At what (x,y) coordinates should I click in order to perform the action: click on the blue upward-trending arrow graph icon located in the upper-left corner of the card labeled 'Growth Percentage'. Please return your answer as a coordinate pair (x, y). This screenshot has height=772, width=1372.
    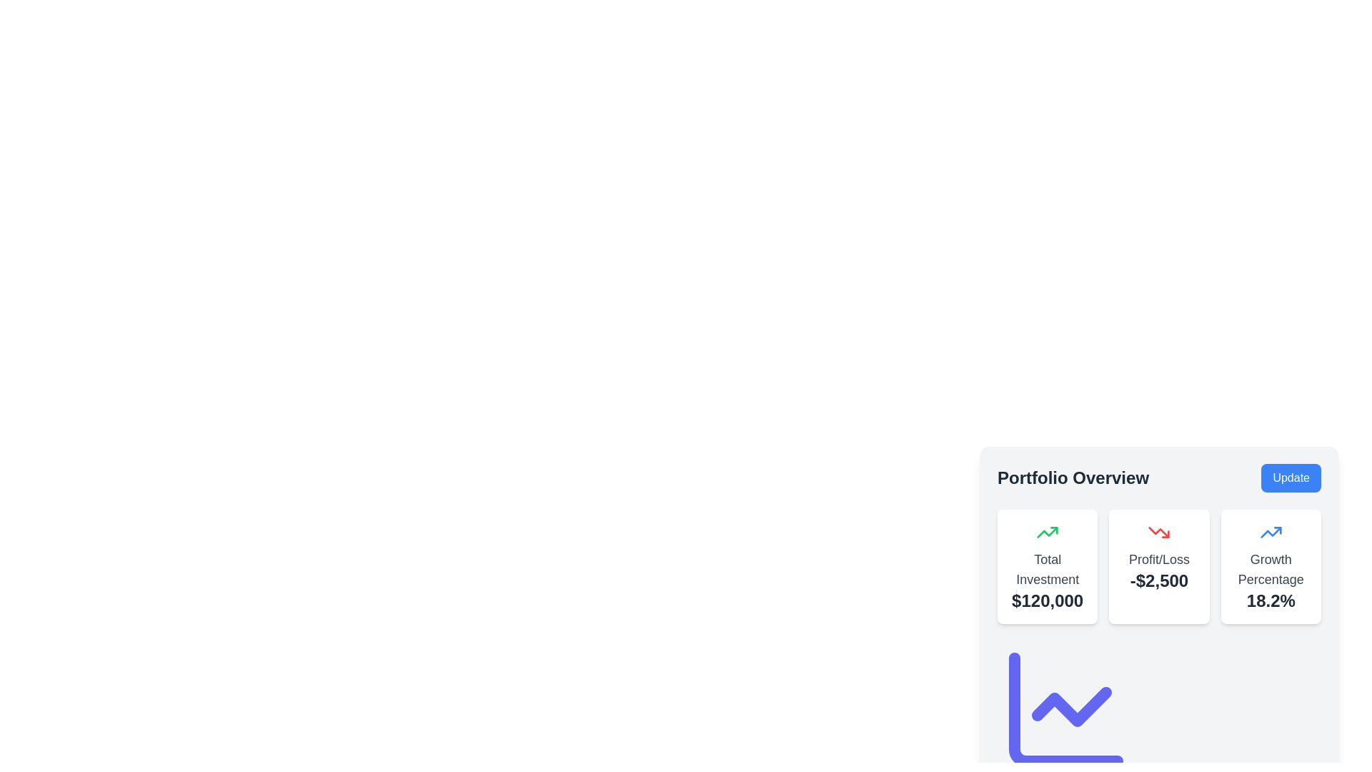
    Looking at the image, I should click on (1271, 532).